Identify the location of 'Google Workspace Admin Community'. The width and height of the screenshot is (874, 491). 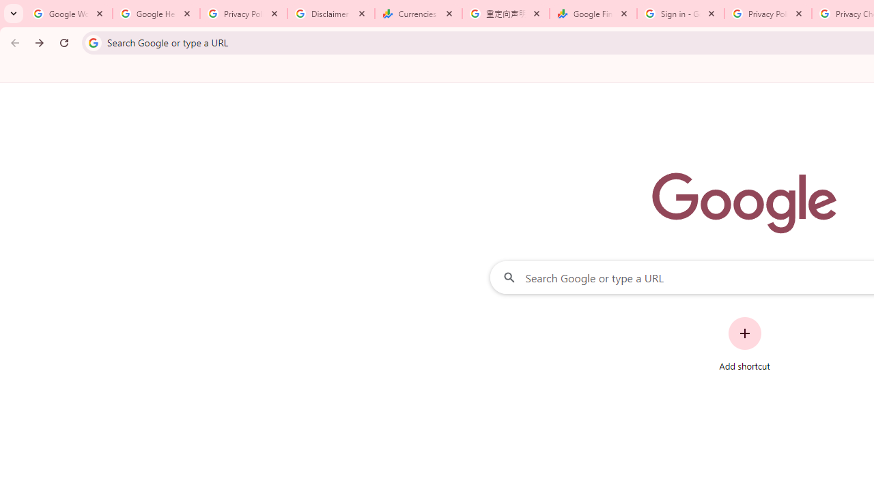
(68, 14).